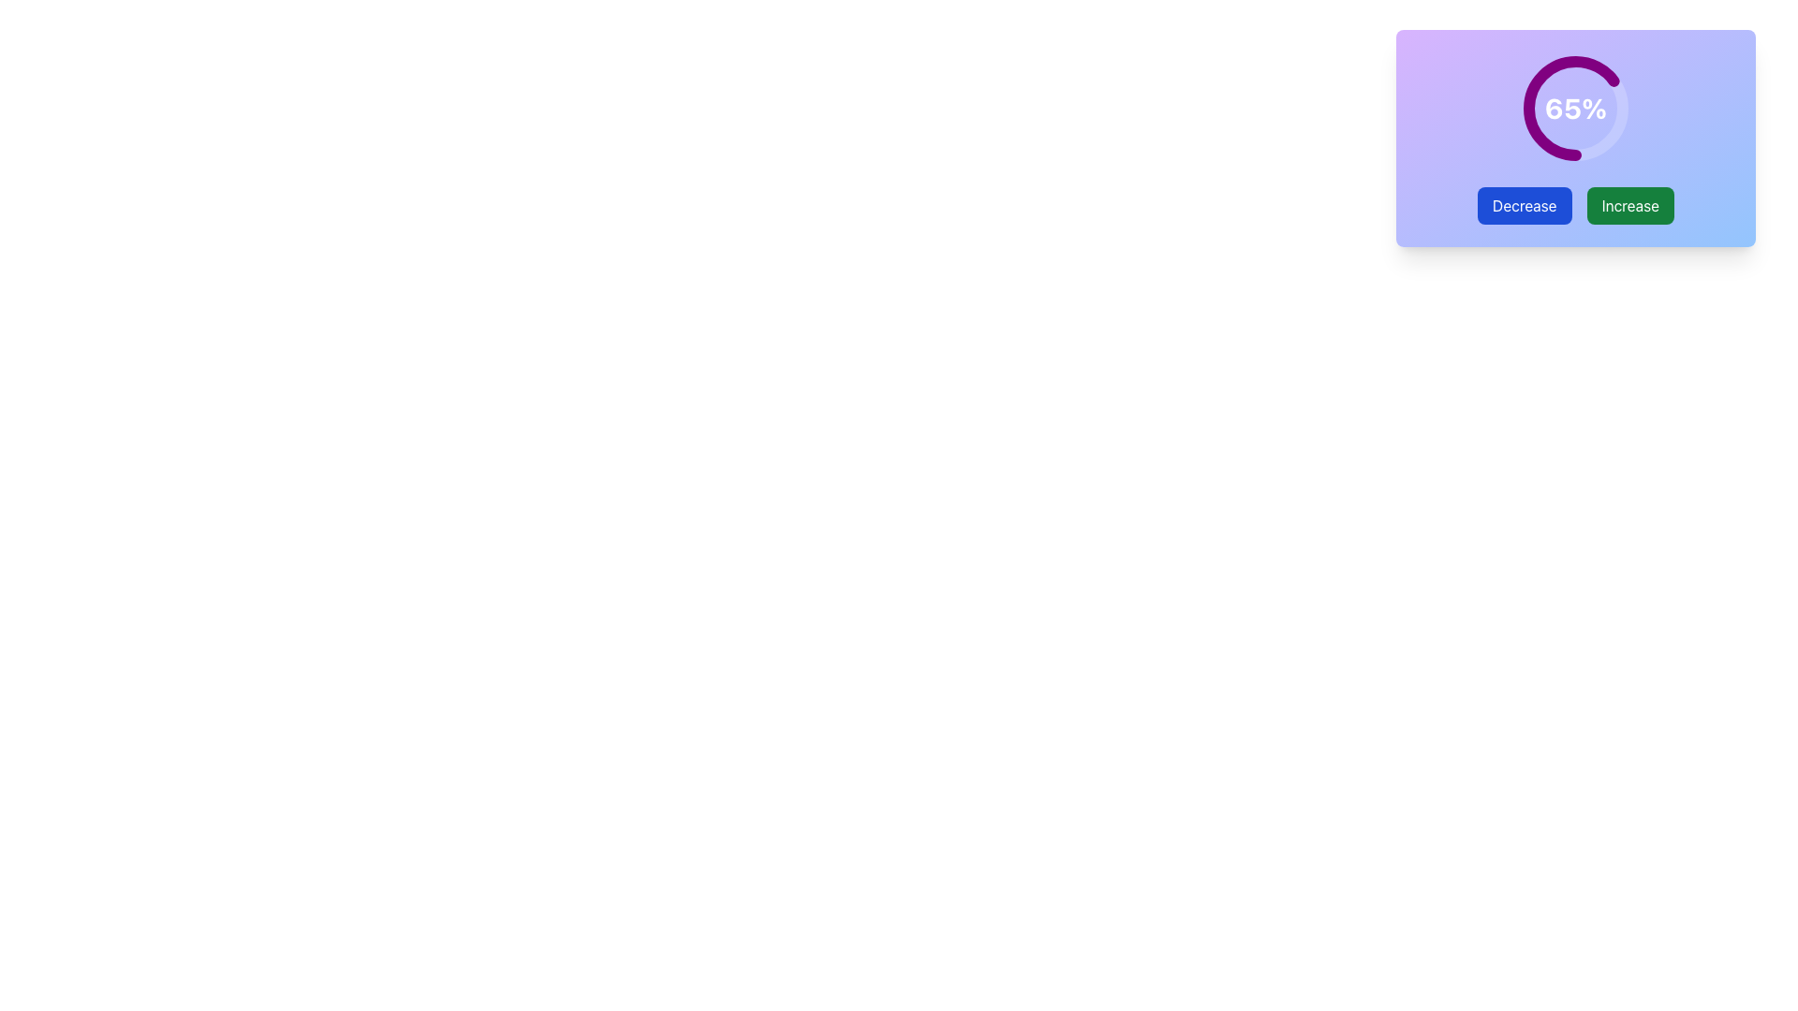 Image resolution: width=1798 pixels, height=1011 pixels. I want to click on the increment button located on the right side of the decrease button, beneath a circular progress indicator showing '65%', so click(1629, 205).